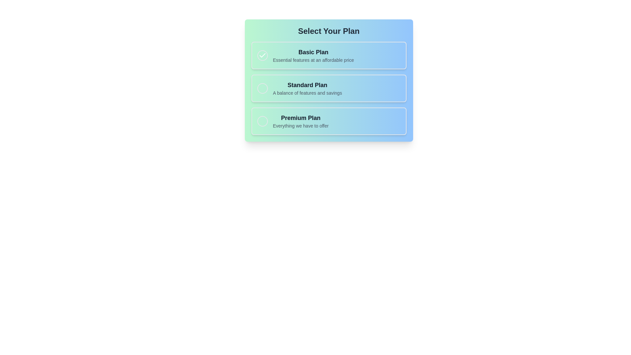 This screenshot has height=355, width=631. I want to click on the header text located at the top section of the gradient card, which serves as a title for the subsequent plan options, so click(329, 31).